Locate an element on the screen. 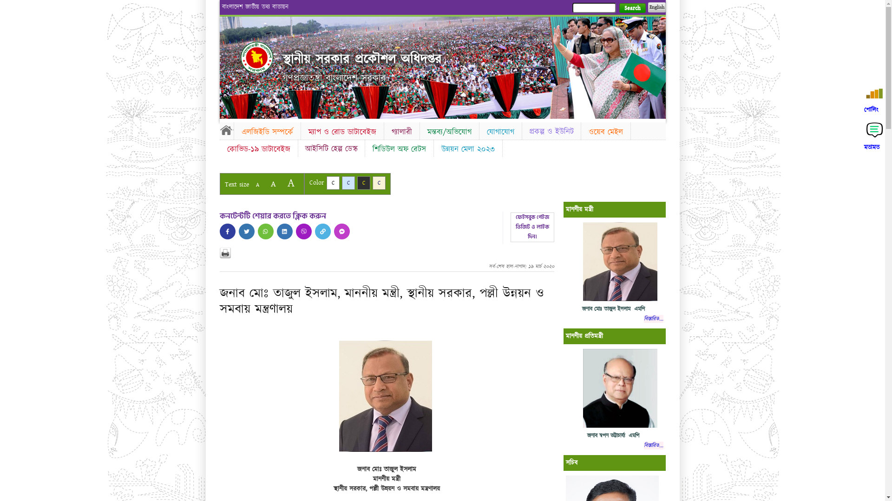 Image resolution: width=892 pixels, height=501 pixels. 'A' is located at coordinates (272, 184).